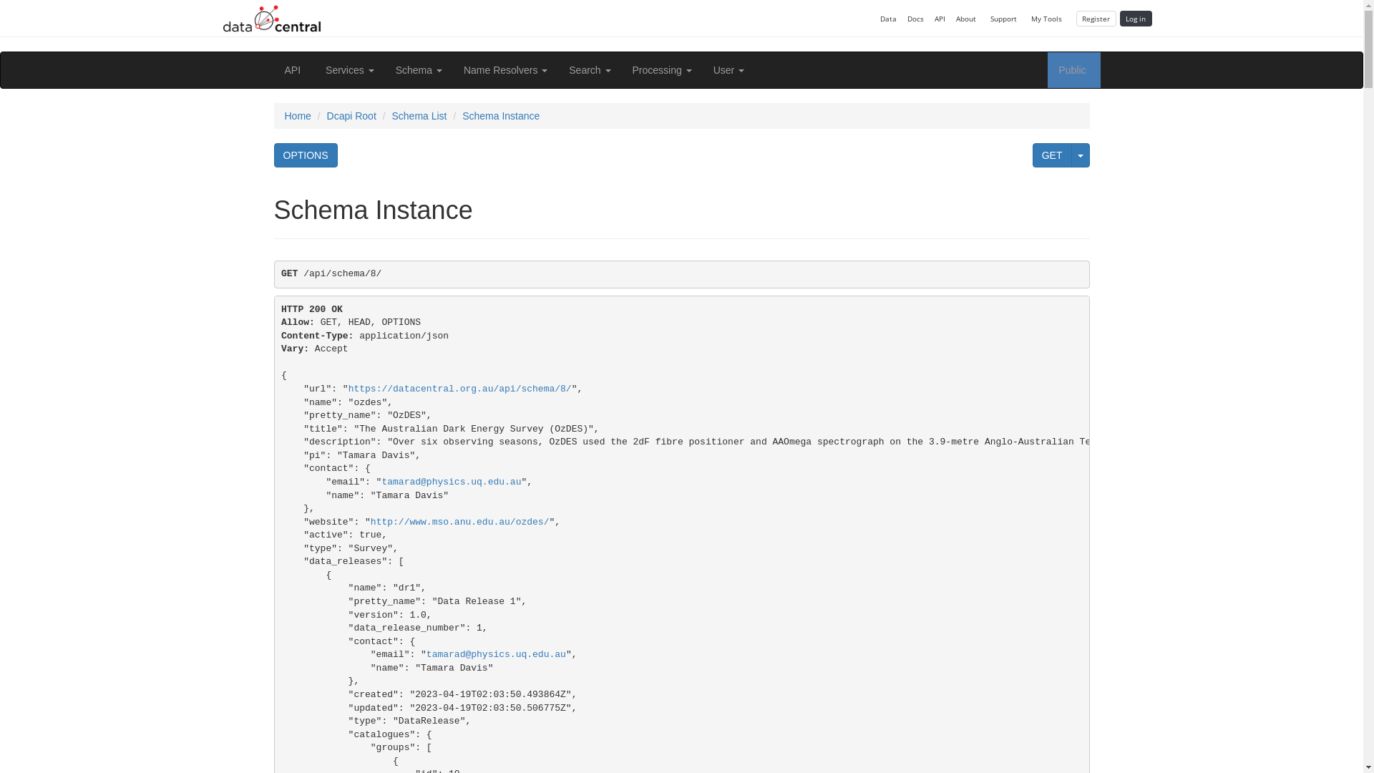 This screenshot has width=1374, height=773. I want to click on 'tamarad@physics.uq.edu.au', so click(381, 482).